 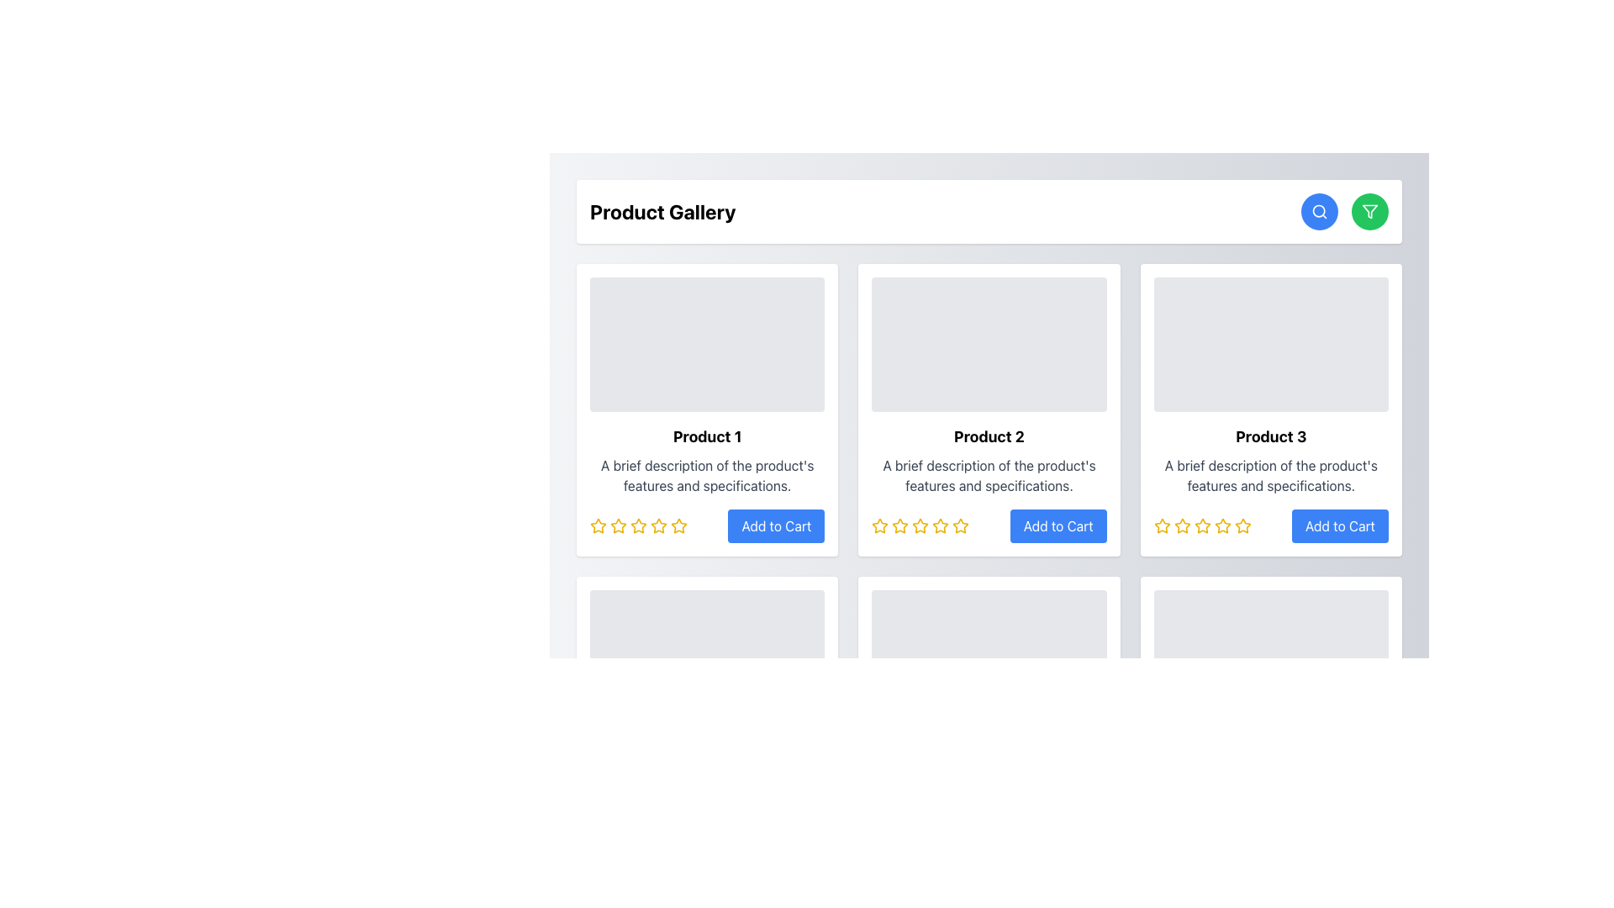 What do you see at coordinates (657, 525) in the screenshot?
I see `the red bordered star icon in the 5-star rating system located below the title 'Product 1'` at bounding box center [657, 525].